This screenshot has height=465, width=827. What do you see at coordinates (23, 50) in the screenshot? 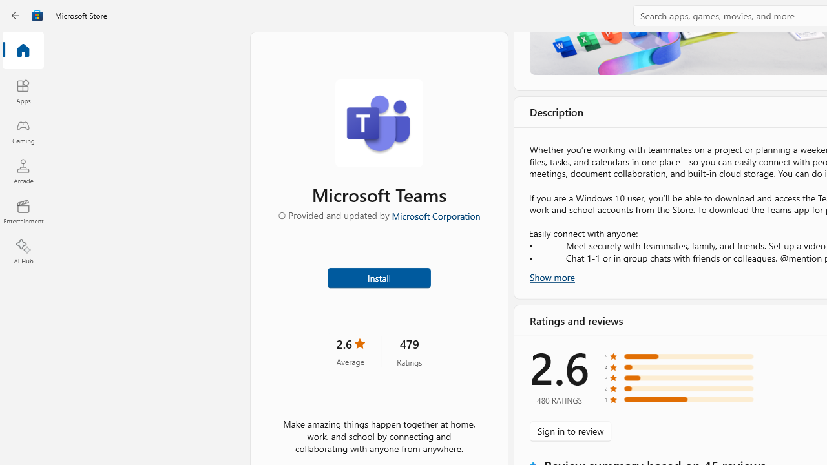
I see `'Home'` at bounding box center [23, 50].